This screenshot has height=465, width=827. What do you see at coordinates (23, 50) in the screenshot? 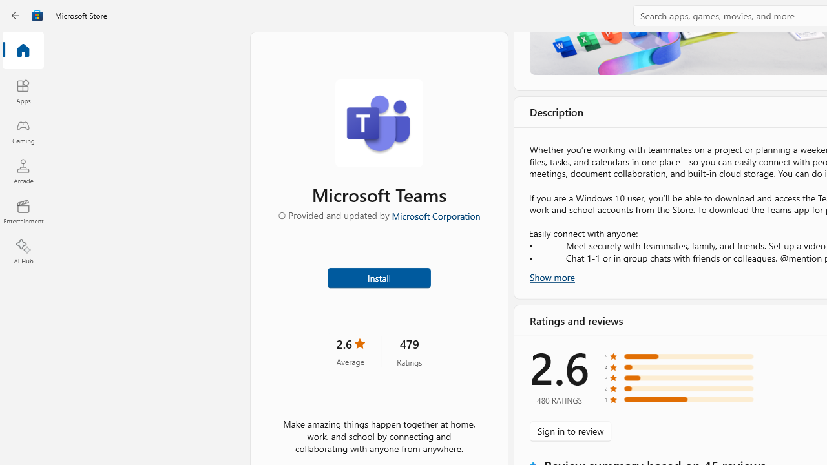
I see `'Home'` at bounding box center [23, 50].